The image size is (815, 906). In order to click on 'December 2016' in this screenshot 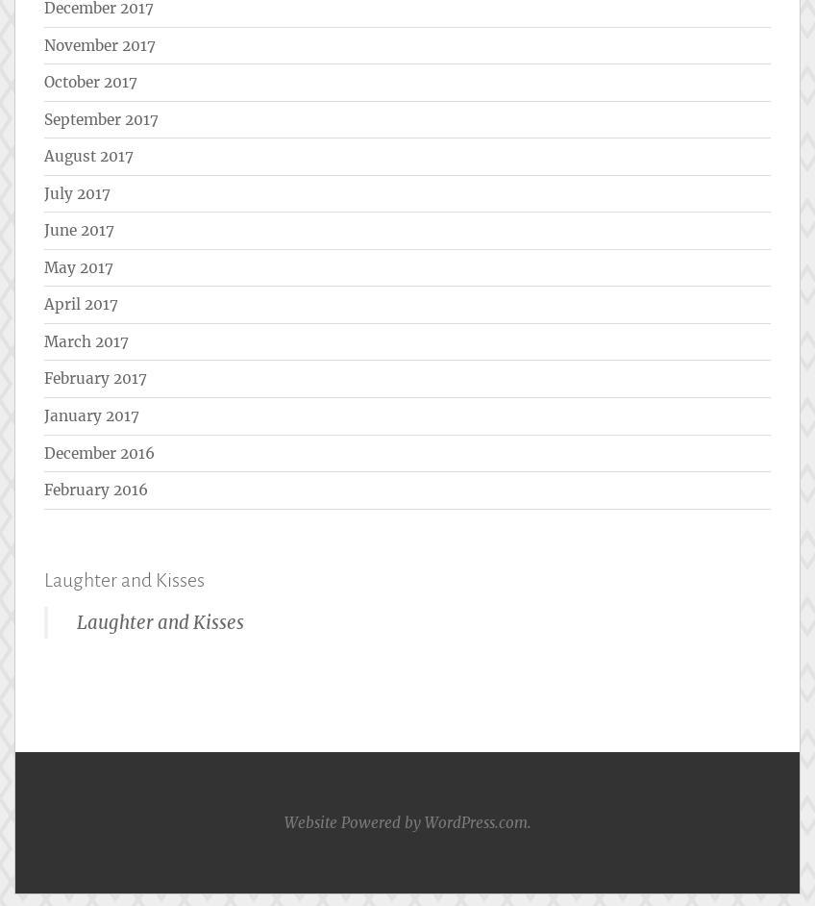, I will do `click(99, 451)`.